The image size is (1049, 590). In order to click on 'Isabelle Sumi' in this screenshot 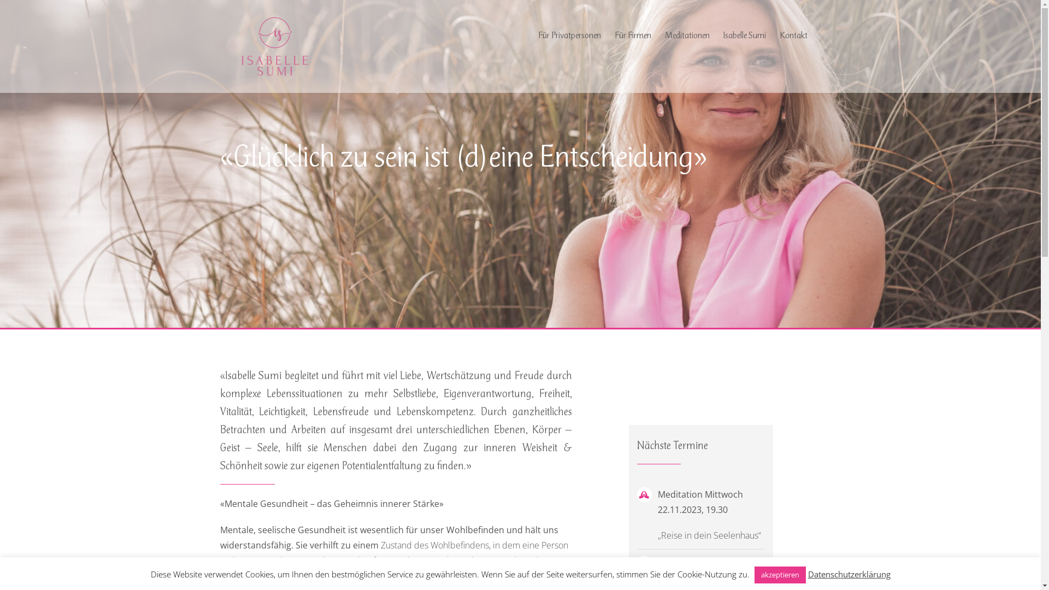, I will do `click(744, 34)`.